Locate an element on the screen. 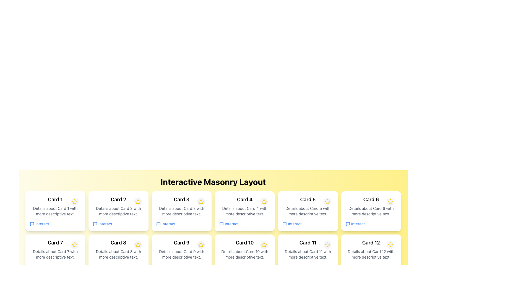 The height and width of the screenshot is (299, 531). the Star Icon located inside 'Card 2' in the second column of the top row in the grid layout, which serves as an interactive component to mark the card as a favorite is located at coordinates (138, 202).